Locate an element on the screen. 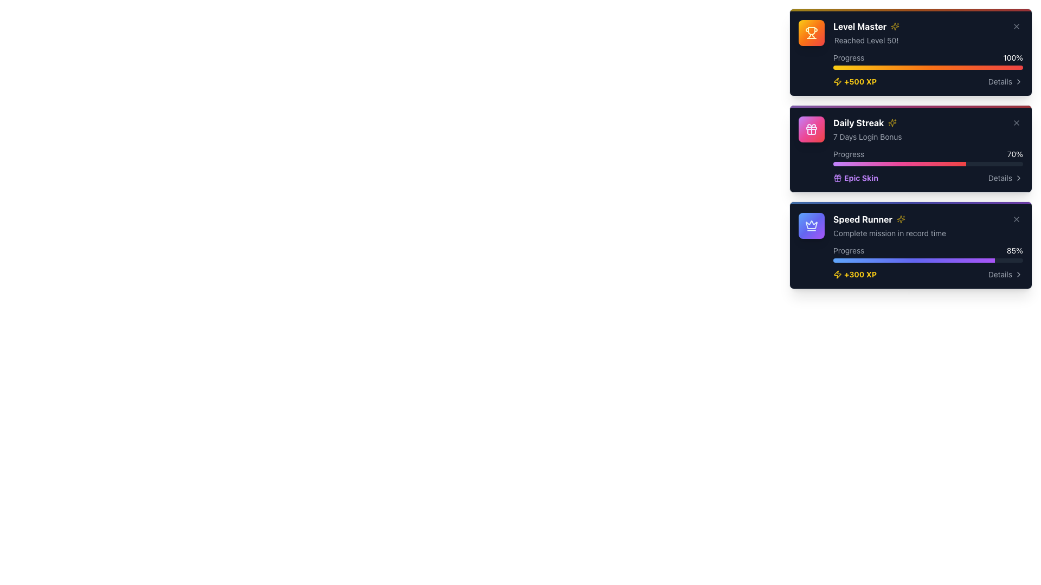  the lightning bolt-shaped icon rendered in bright yellow, which is positioned to the left of the text displaying '+300 XP' within the lower card labeled 'Speed Runner' in the vertical stack of achievement cards is located at coordinates (837, 274).